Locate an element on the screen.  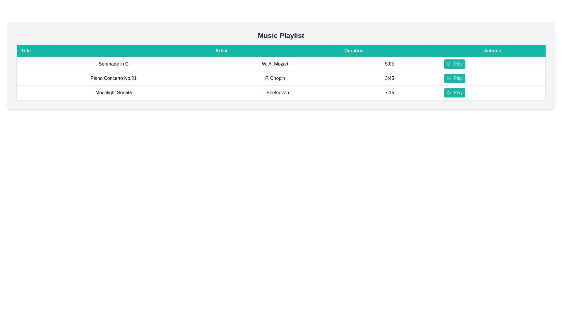
the text element displaying '7:15' in the 'Duration' column of the 'Moonlight Sonata' row is located at coordinates (390, 92).